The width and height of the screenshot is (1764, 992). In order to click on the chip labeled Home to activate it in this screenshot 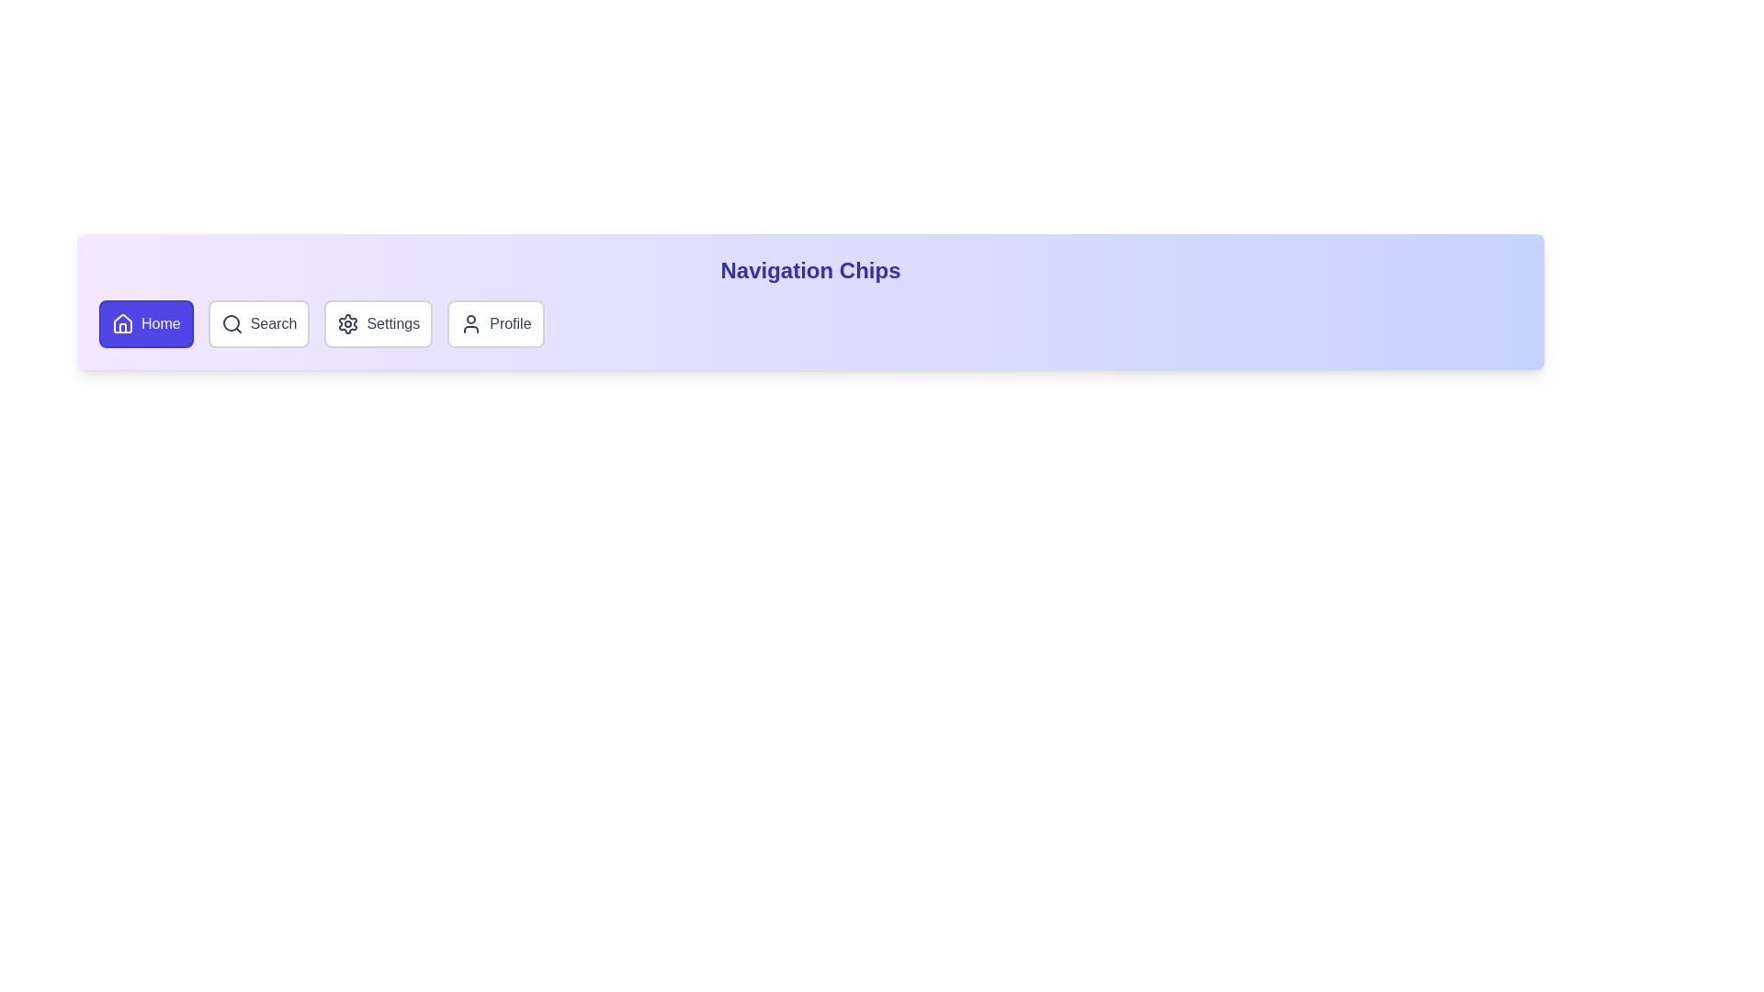, I will do `click(145, 323)`.